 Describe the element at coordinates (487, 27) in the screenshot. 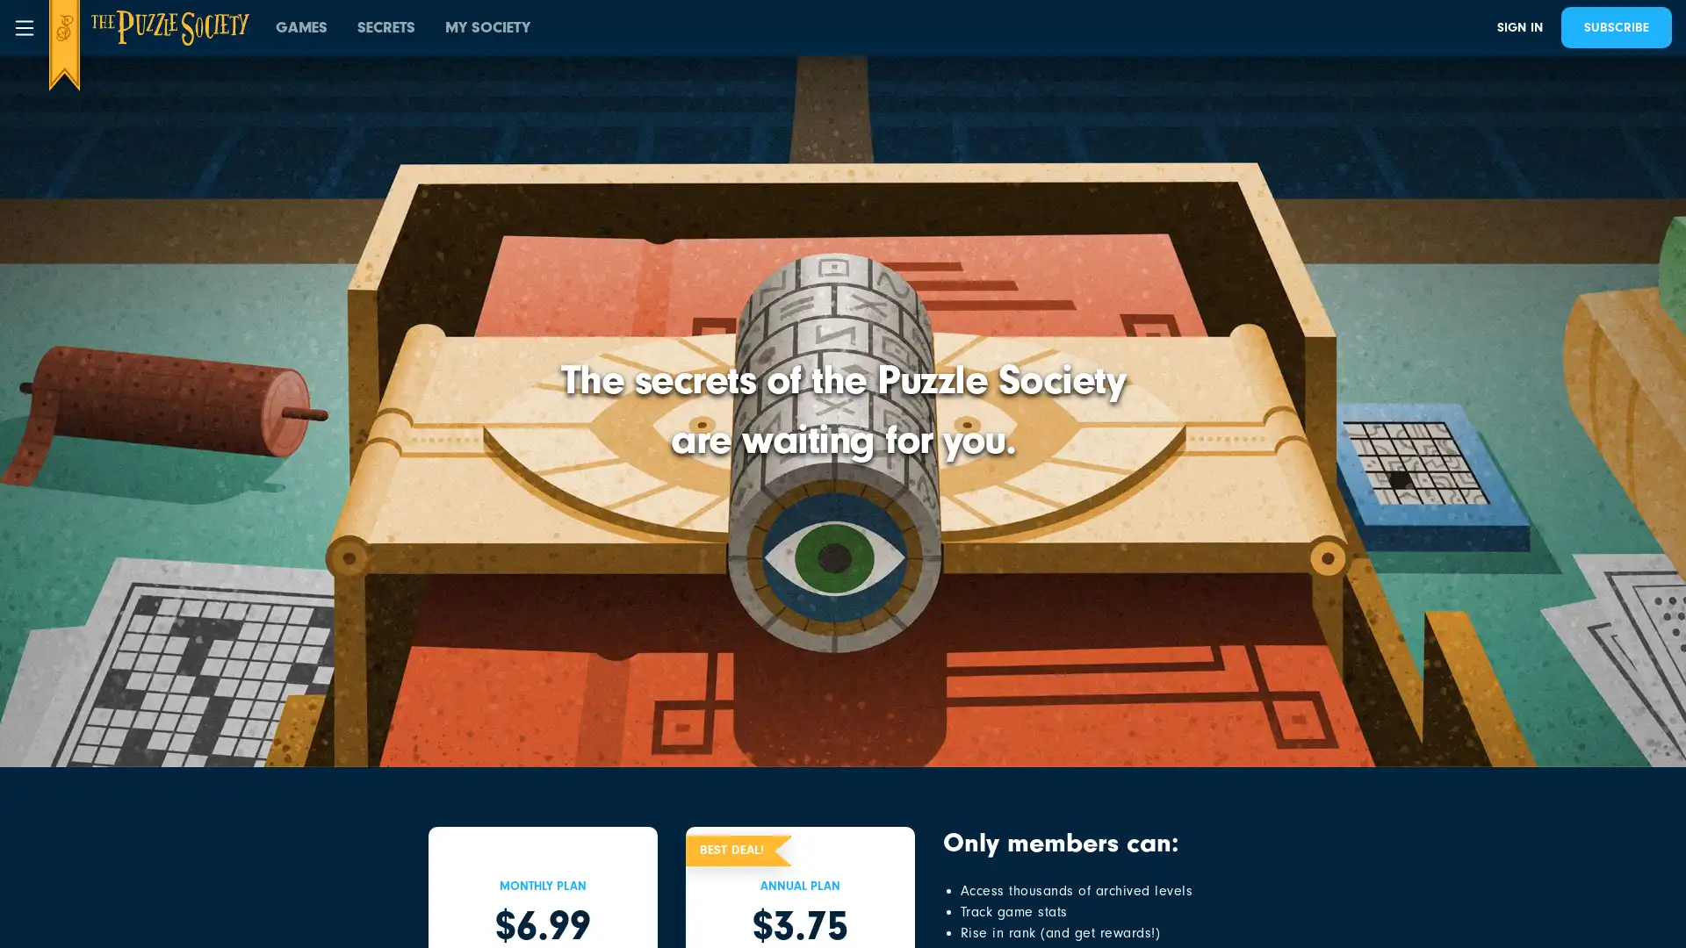

I see `MY SOCIETY` at that location.